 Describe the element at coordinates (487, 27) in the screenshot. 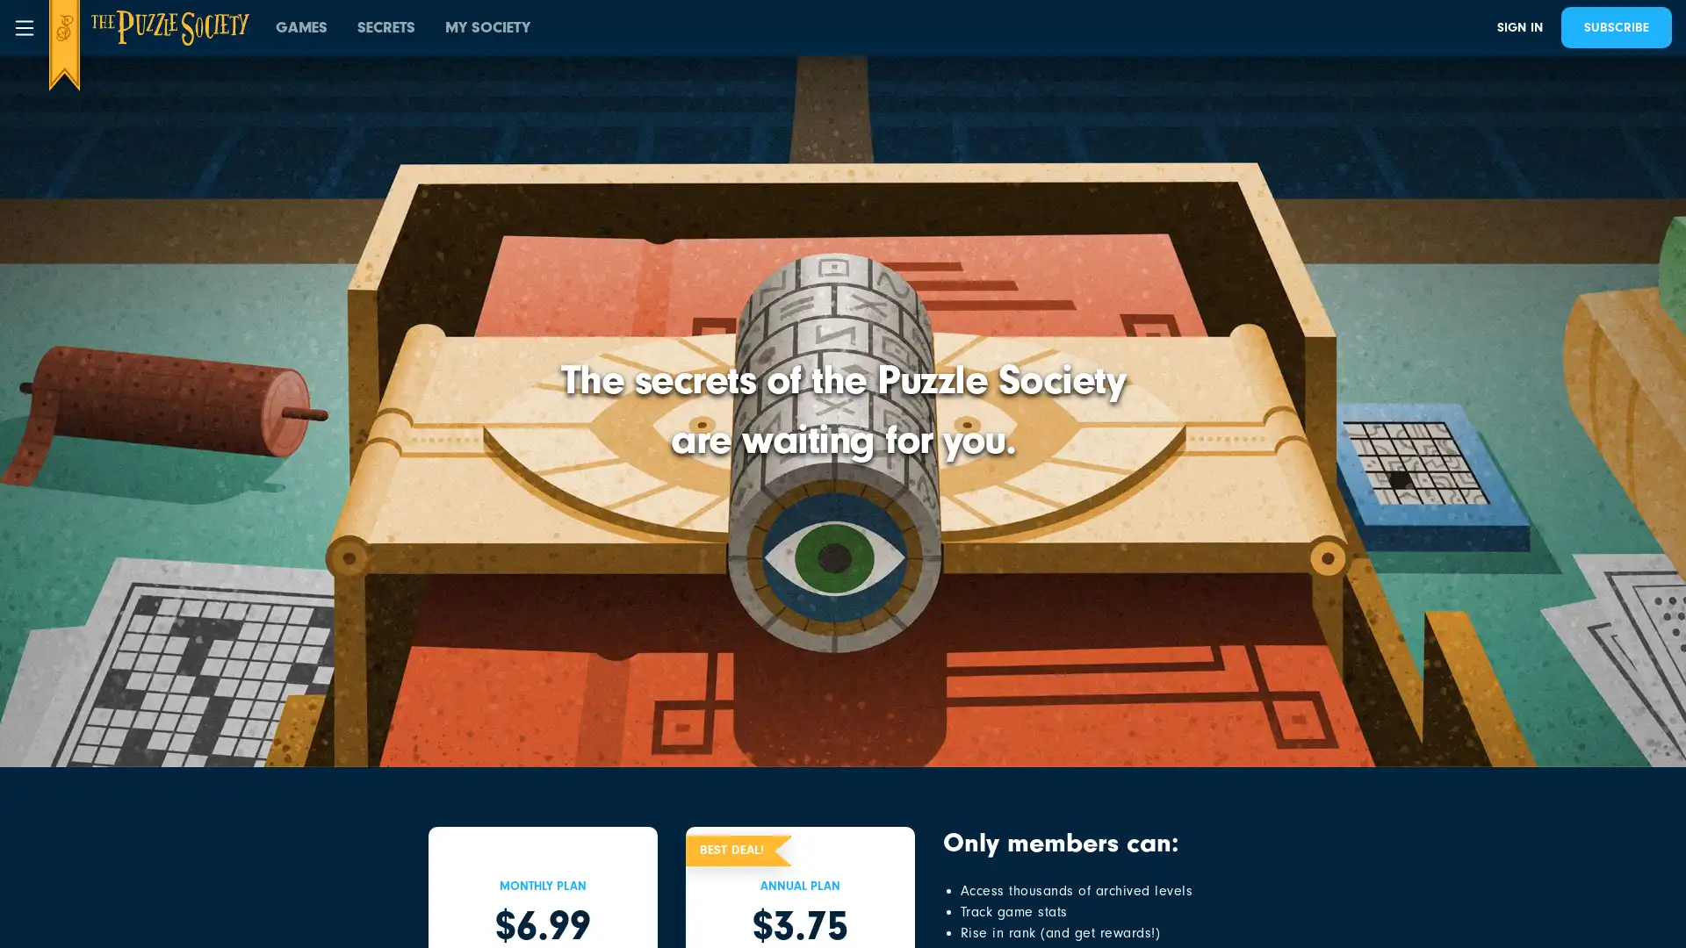

I see `MY SOCIETY` at that location.